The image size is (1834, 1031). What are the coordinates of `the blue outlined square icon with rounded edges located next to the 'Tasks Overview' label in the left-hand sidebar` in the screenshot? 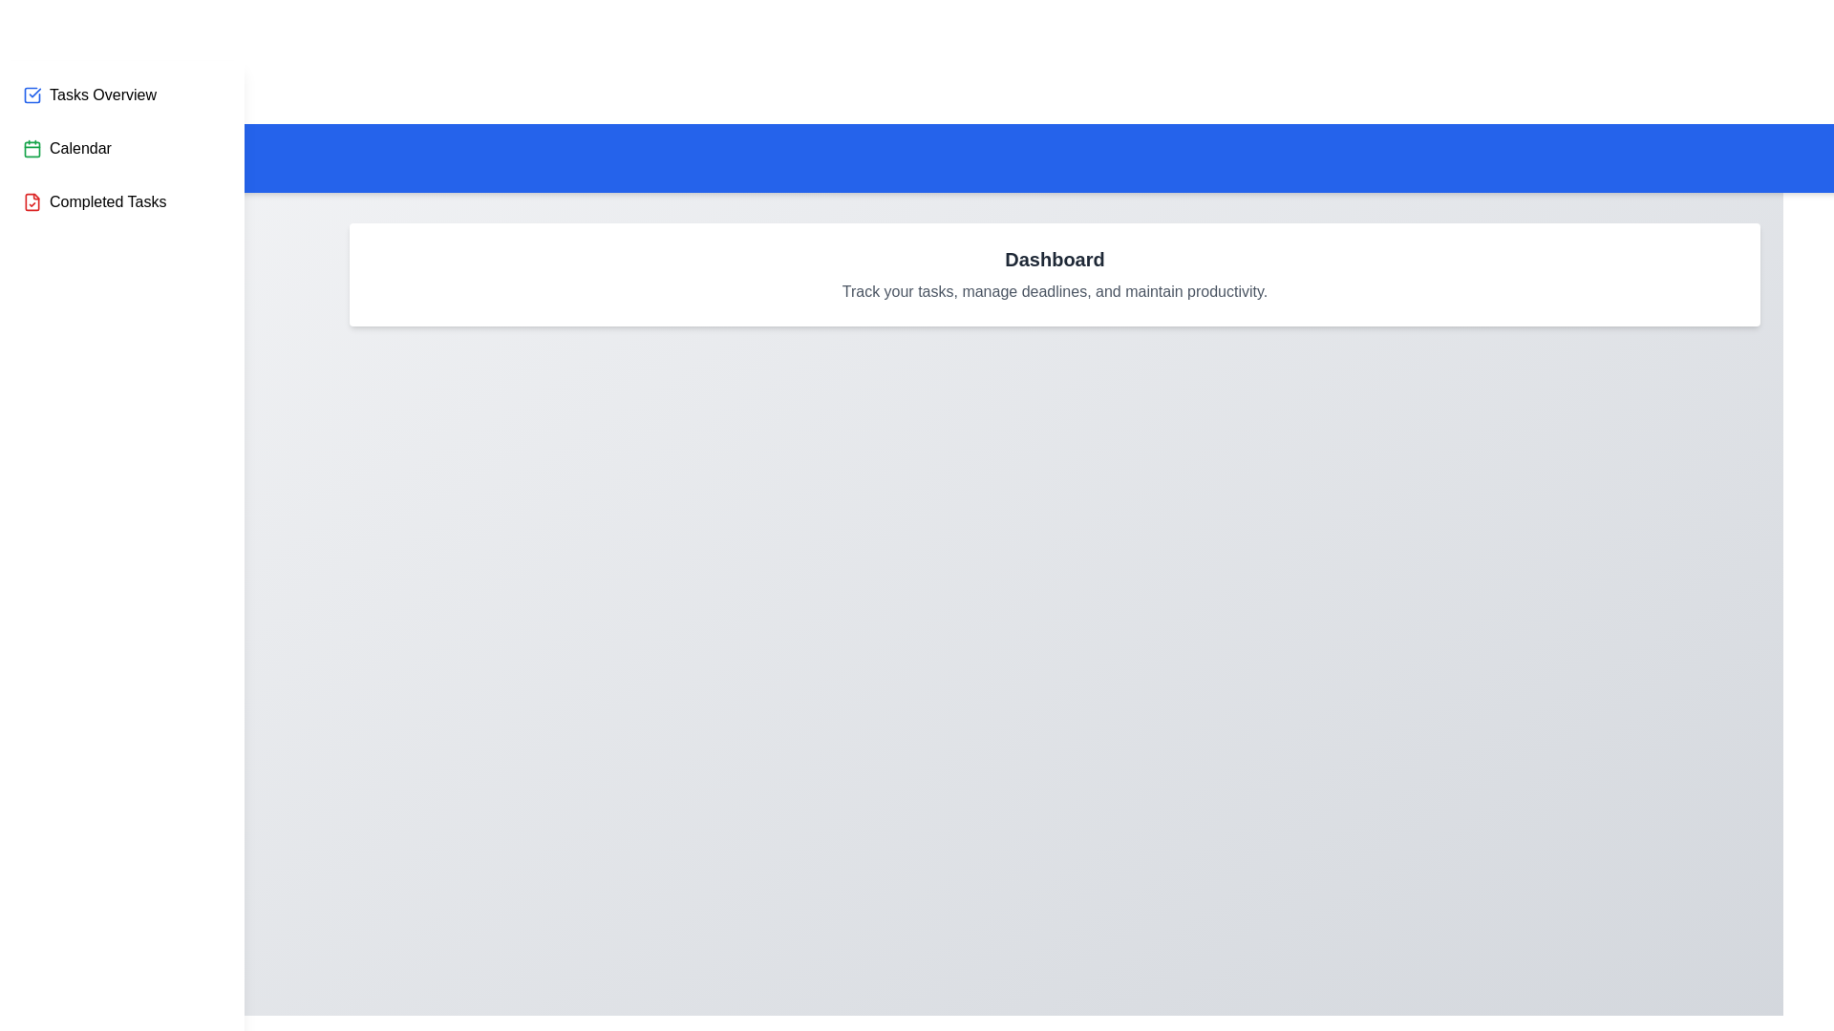 It's located at (32, 95).